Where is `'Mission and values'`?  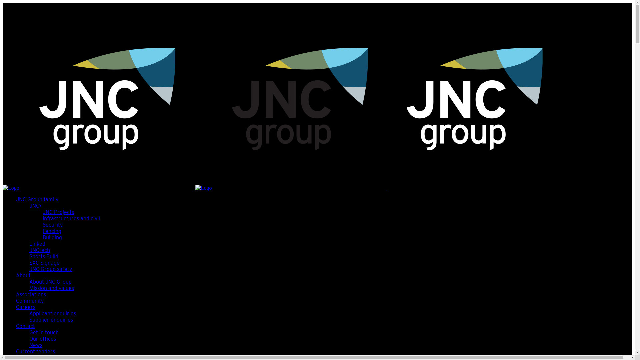
'Mission and values' is located at coordinates (29, 288).